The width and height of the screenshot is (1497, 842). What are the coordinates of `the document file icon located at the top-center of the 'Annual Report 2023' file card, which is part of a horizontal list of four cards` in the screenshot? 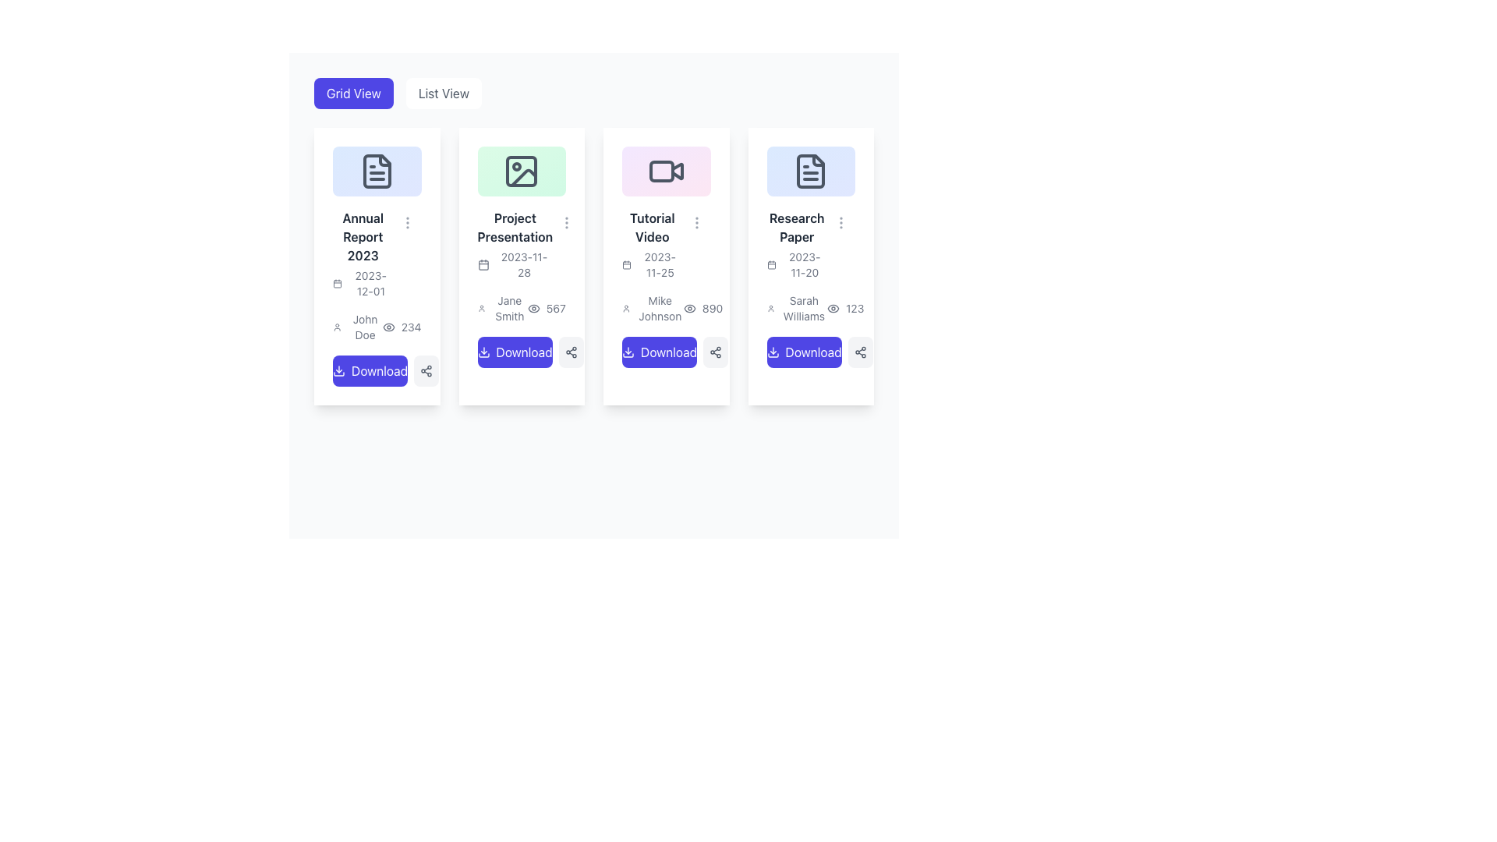 It's located at (377, 171).